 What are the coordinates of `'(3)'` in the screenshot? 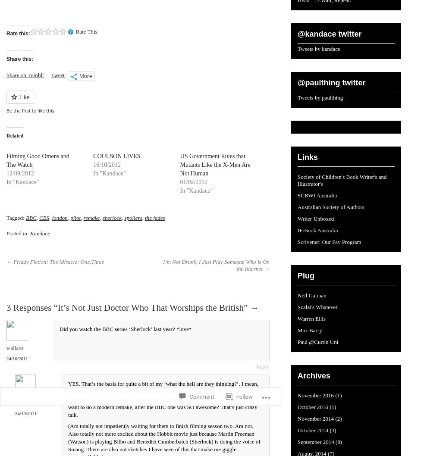 It's located at (328, 429).